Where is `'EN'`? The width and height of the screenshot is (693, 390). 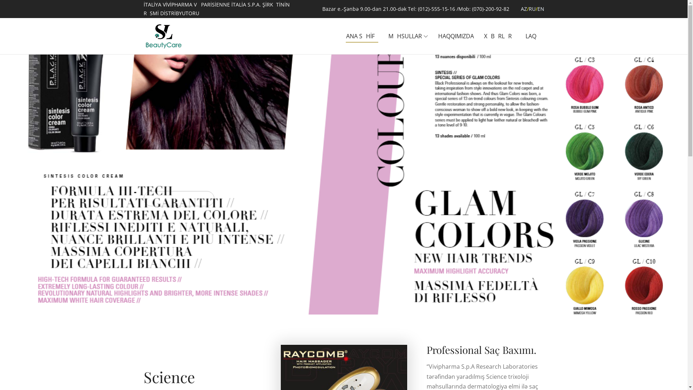 'EN' is located at coordinates (537, 9).